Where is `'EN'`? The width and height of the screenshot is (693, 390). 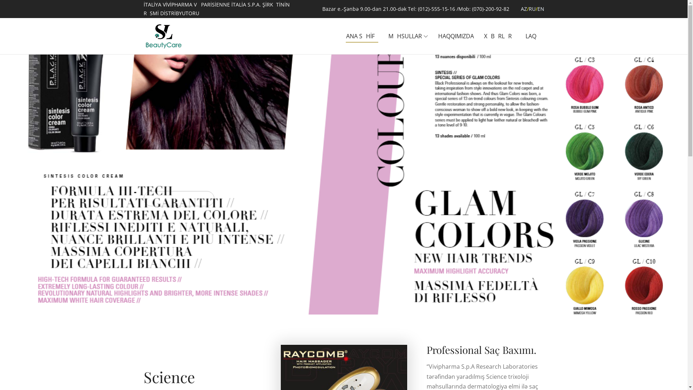 'EN' is located at coordinates (537, 9).